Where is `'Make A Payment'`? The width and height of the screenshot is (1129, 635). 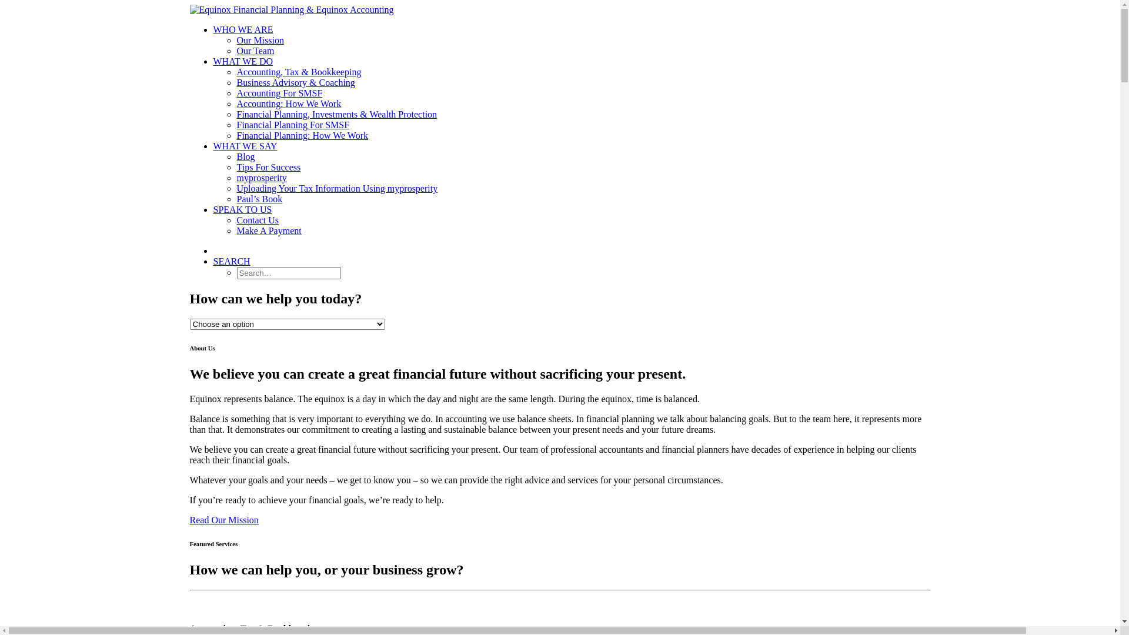
'Make A Payment' is located at coordinates (268, 230).